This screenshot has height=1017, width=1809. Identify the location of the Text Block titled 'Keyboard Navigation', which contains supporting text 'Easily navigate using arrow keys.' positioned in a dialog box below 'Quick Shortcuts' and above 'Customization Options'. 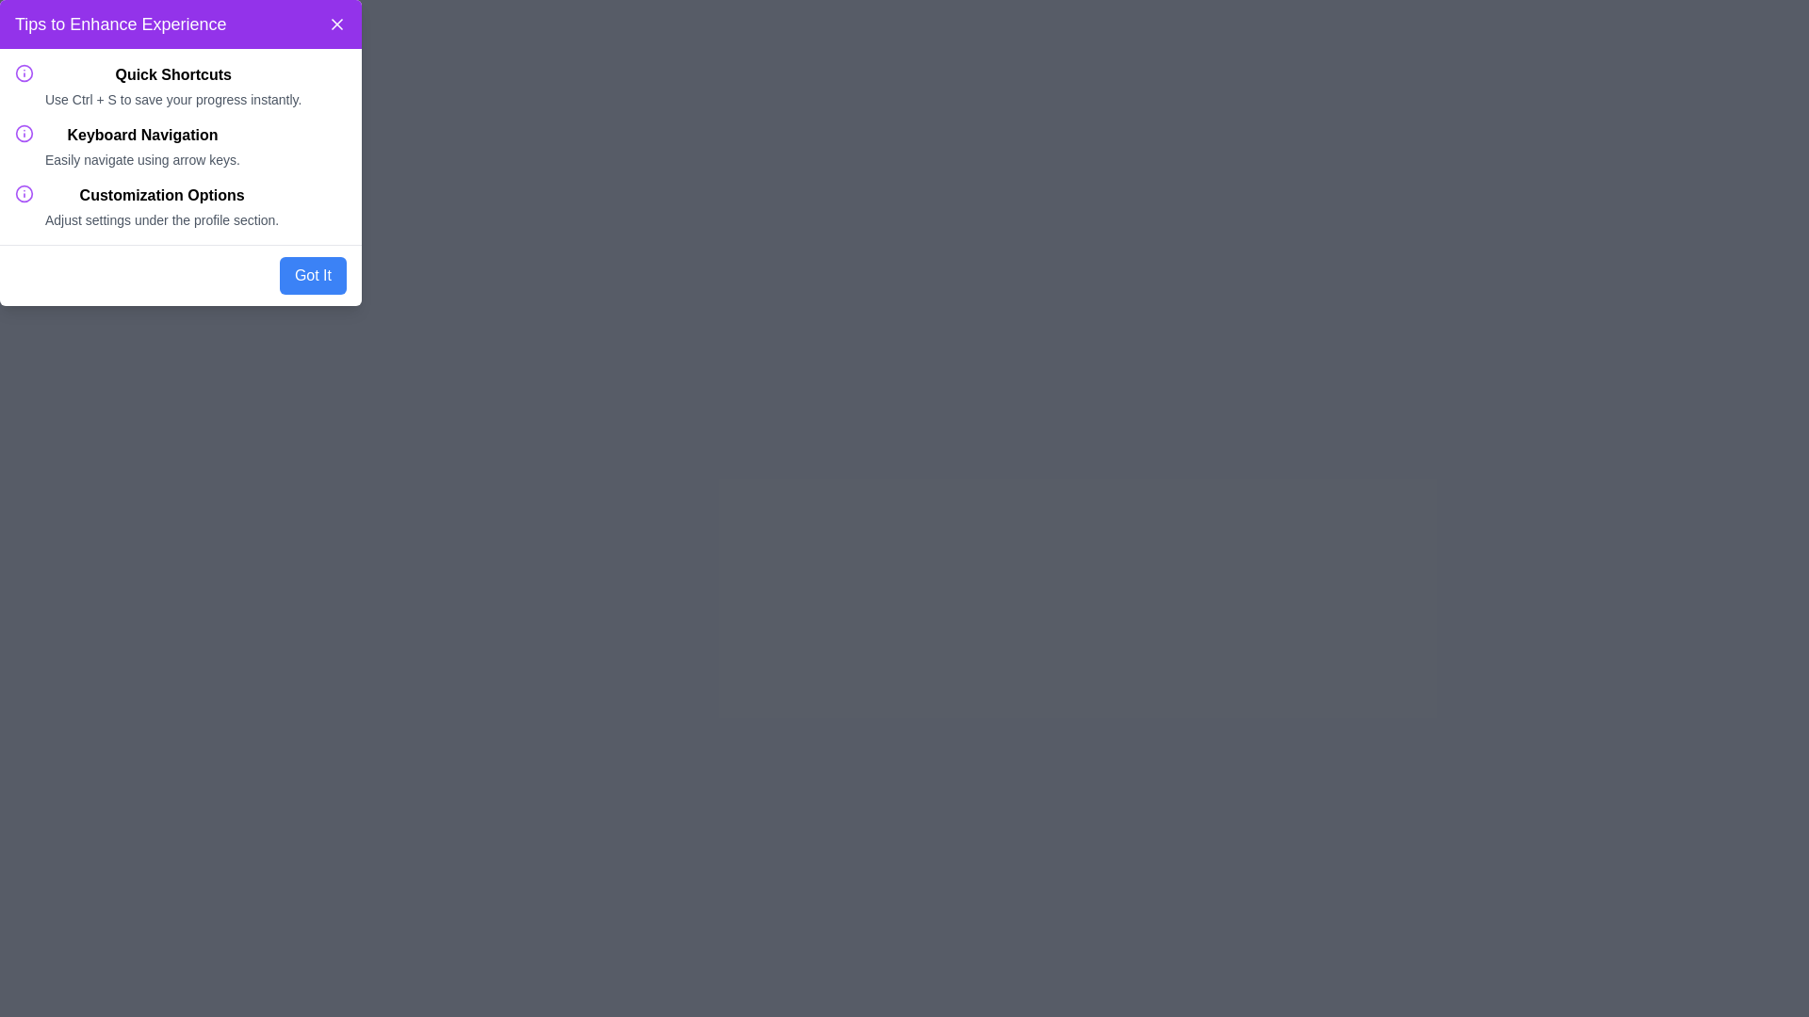
(141, 145).